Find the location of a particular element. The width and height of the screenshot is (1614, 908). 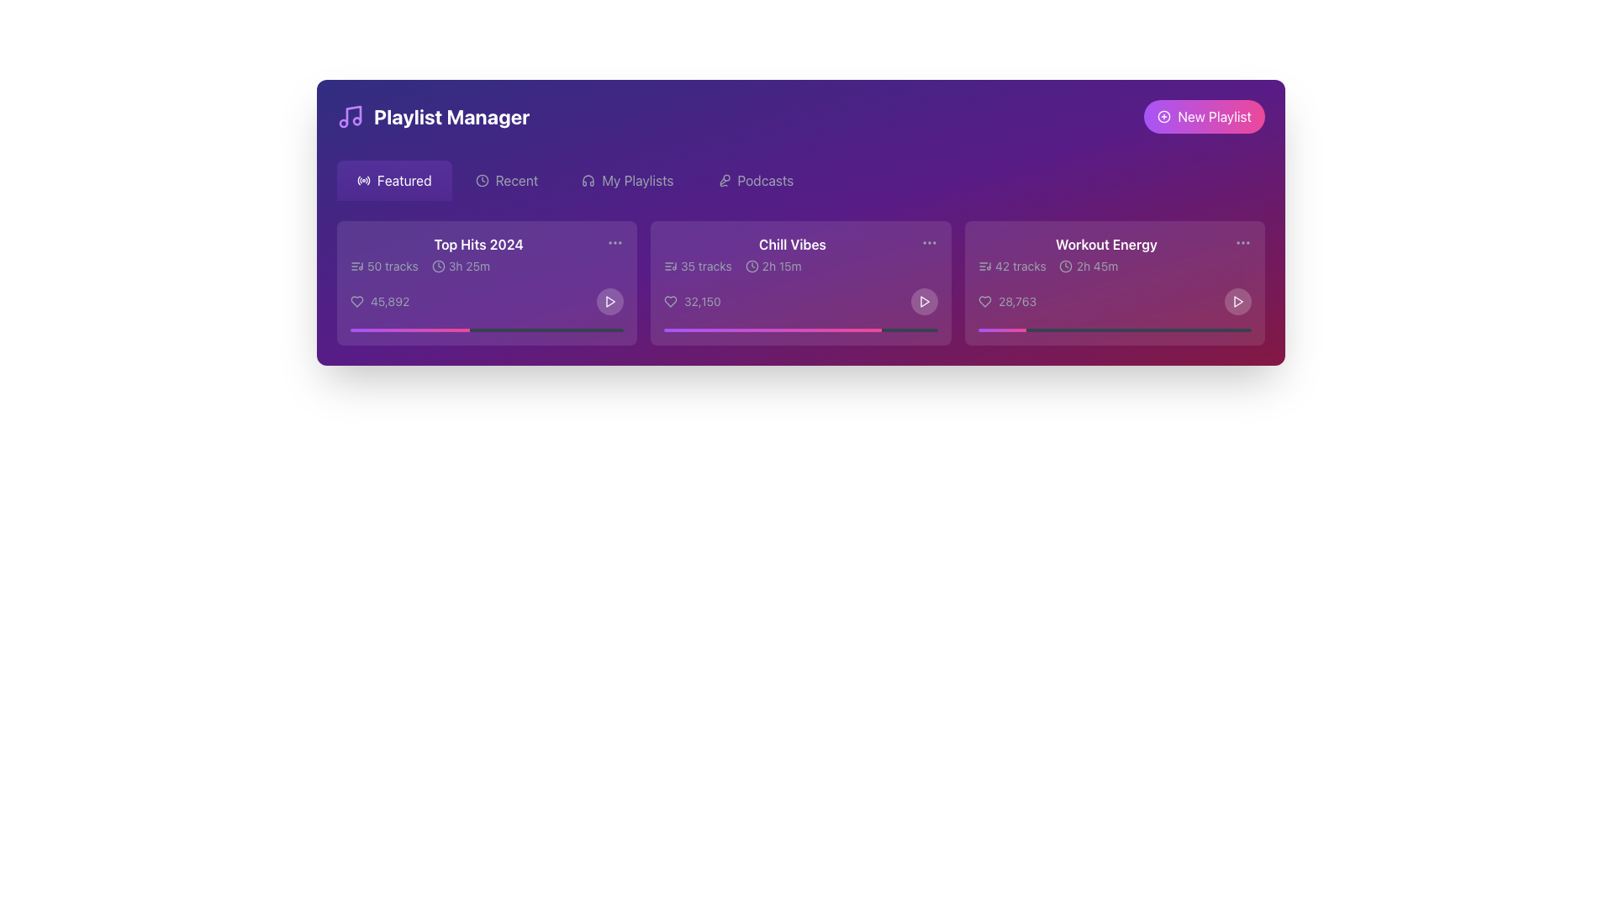

the vertically arranged set of three dots in the top-right corner of the 'Chill Vibes' tile is located at coordinates (928, 243).